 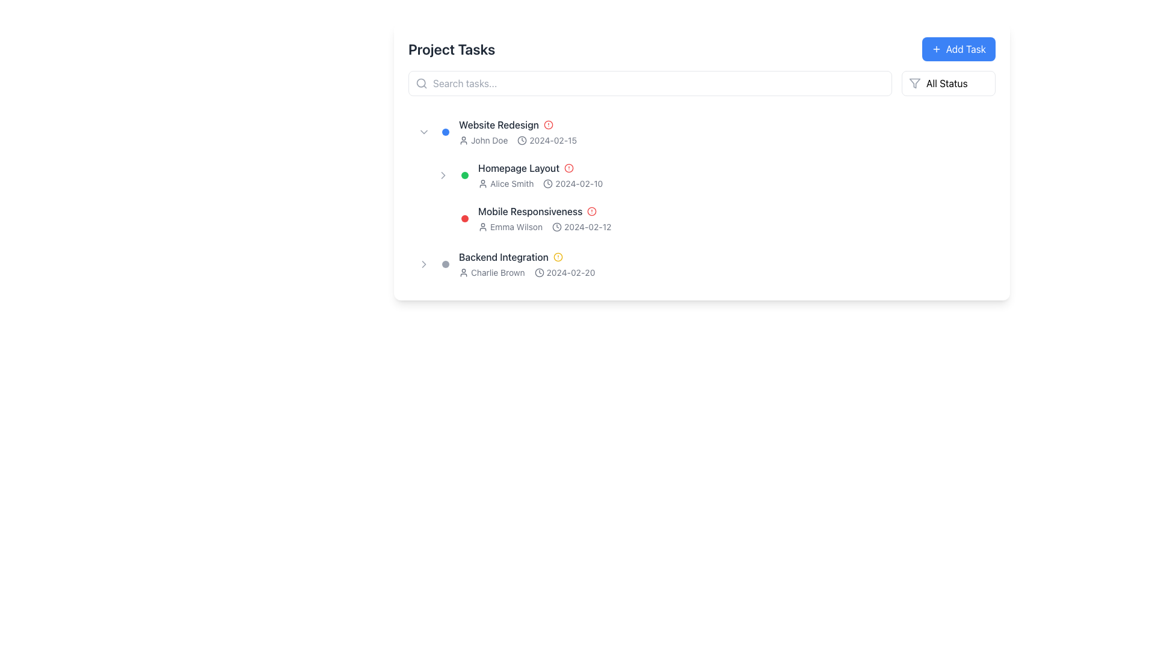 What do you see at coordinates (506, 183) in the screenshot?
I see `the information displayed in the label showing 'Alice Smith' with the inline user icon, located in the row of the 'Homepage Layout' task` at bounding box center [506, 183].